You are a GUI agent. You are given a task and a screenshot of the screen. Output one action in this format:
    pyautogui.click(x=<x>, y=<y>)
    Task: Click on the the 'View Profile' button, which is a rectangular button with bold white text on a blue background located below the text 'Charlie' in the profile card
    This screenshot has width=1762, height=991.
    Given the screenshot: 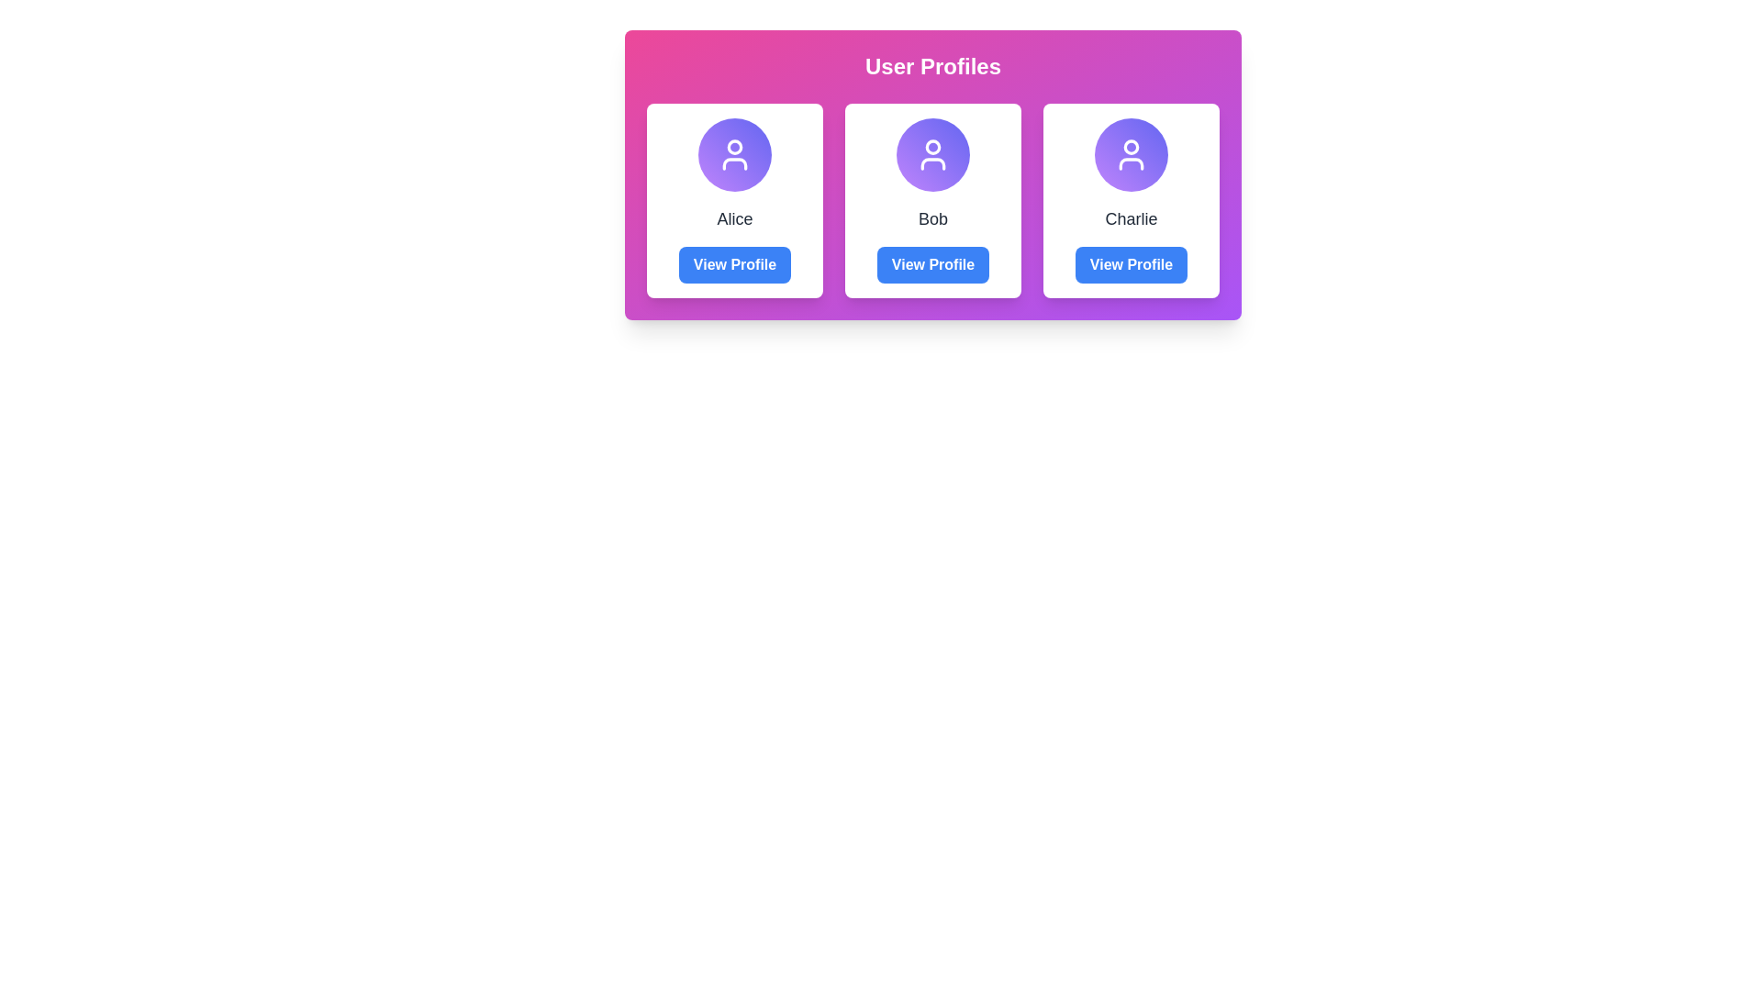 What is the action you would take?
    pyautogui.click(x=1131, y=265)
    